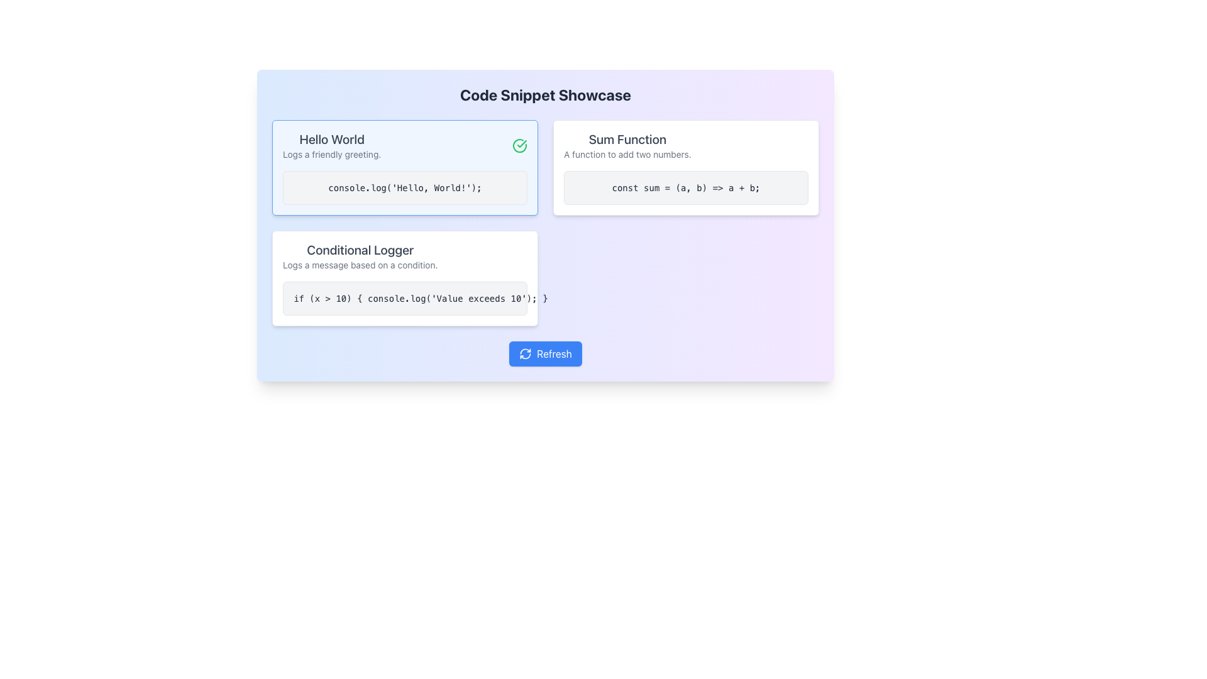 This screenshot has height=679, width=1207. I want to click on the static text label that describes the functionality of the code snippet labeled 'Hello World', located beneath the title in the 'Code Snippet Showcase' section, so click(332, 154).